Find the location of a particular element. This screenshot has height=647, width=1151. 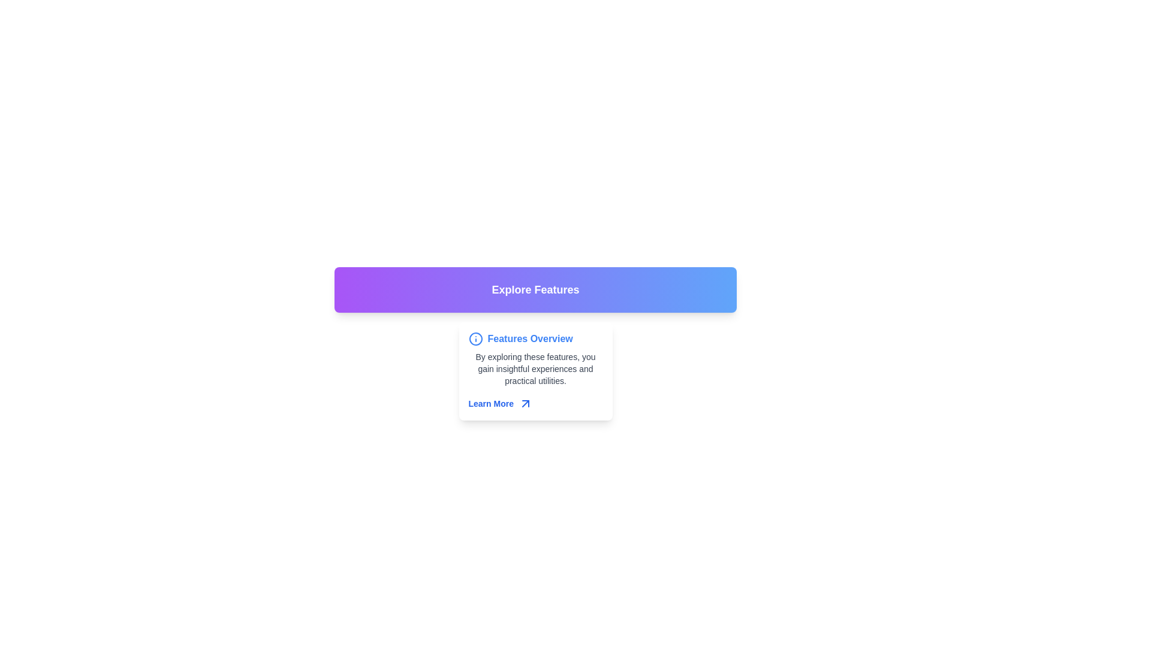

the small arrow icon pointing diagonally upwards and to the right, which is part of the 'Learn More' link at the bottom left of the card element is located at coordinates (526, 404).